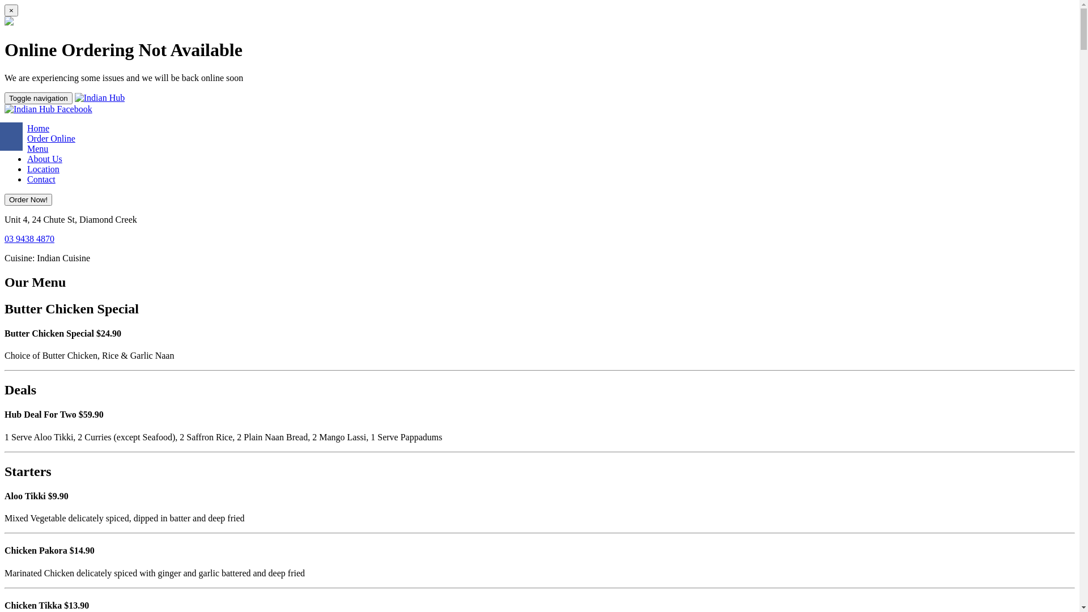 Image resolution: width=1088 pixels, height=612 pixels. I want to click on 'Order Online', so click(50, 138).